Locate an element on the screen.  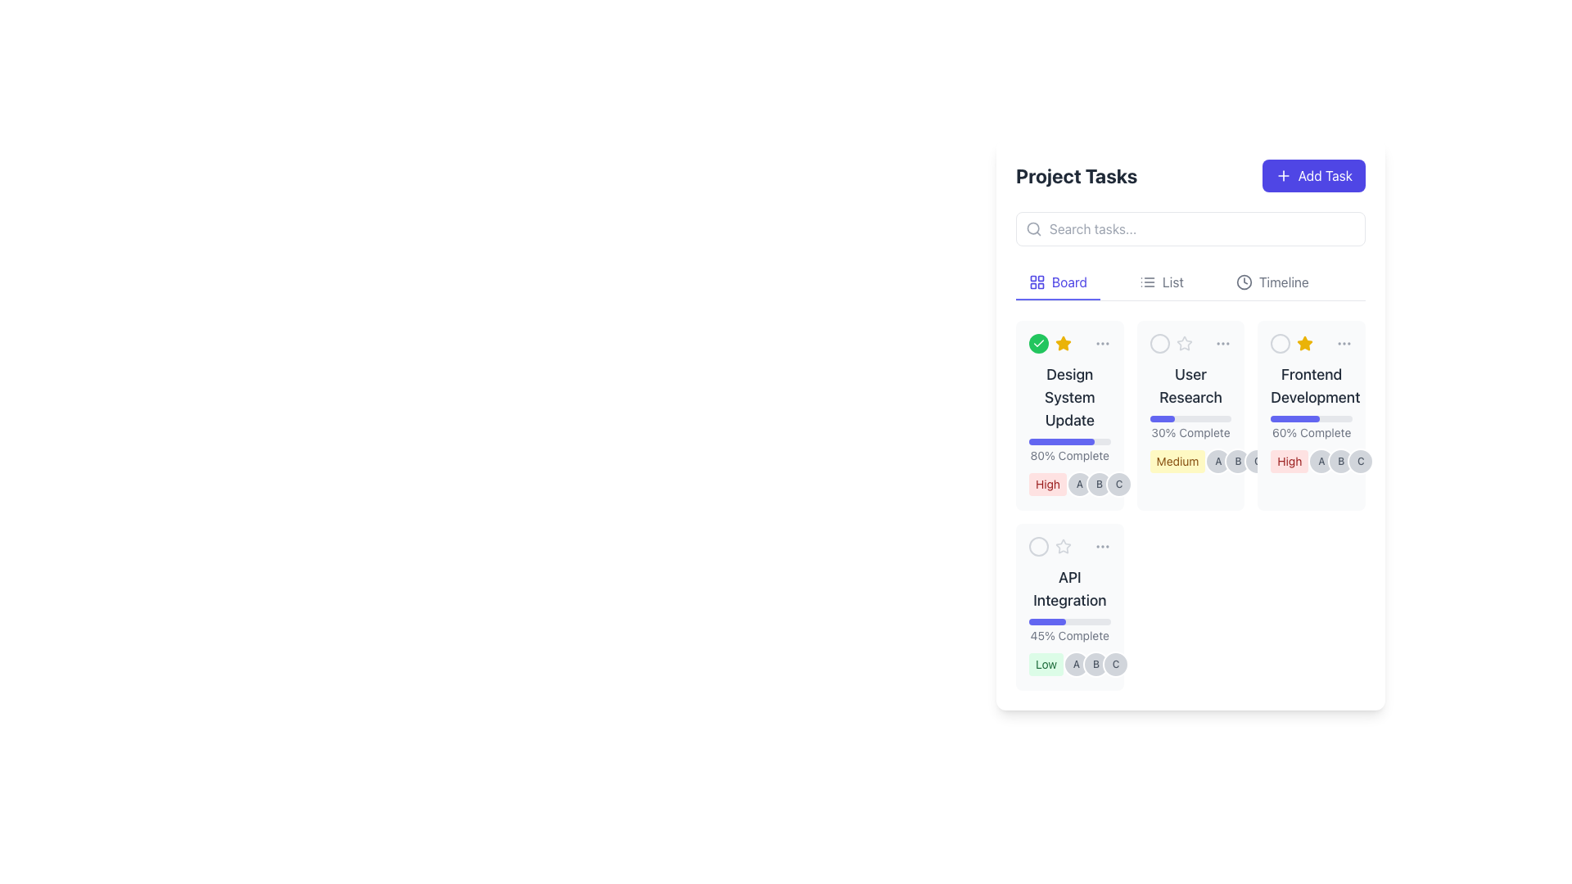
the leftmost circular label labeled 'A' which is positioned to the right of the 'Low' label within the 'API Integration' card is located at coordinates (1077, 665).